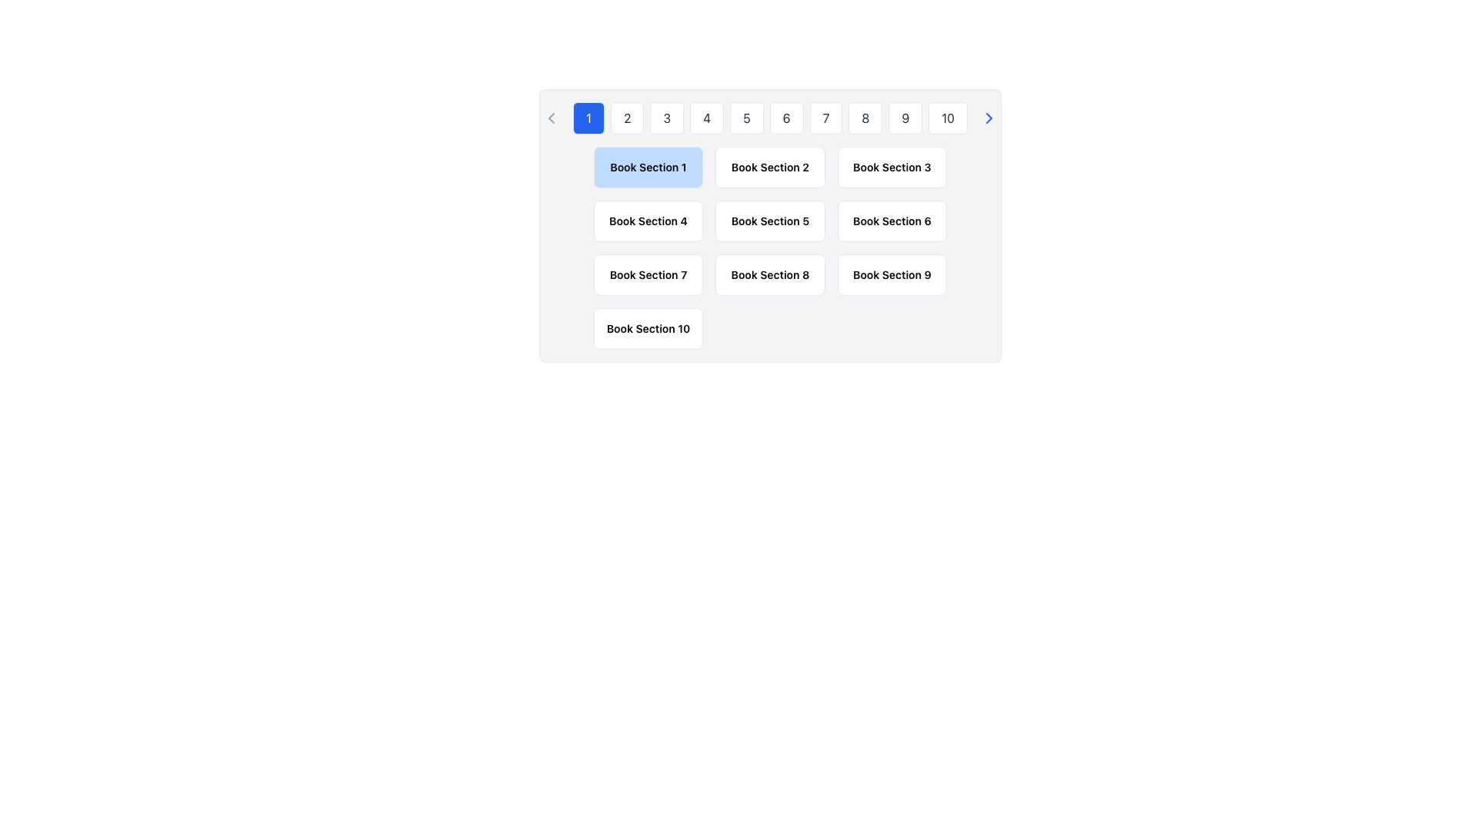 Image resolution: width=1477 pixels, height=830 pixels. What do you see at coordinates (648, 328) in the screenshot?
I see `the text label 'Book Section 10' which is displayed in bold and smaller font within a rounded rectangular card in the bottom-right corner of a grid structure` at bounding box center [648, 328].